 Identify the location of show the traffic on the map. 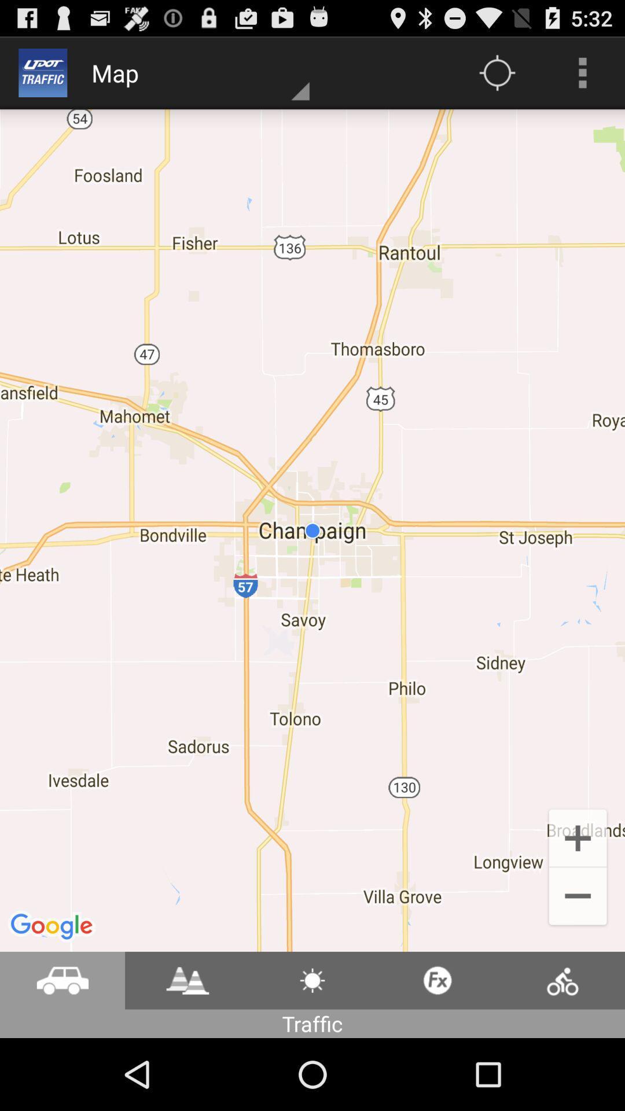
(187, 980).